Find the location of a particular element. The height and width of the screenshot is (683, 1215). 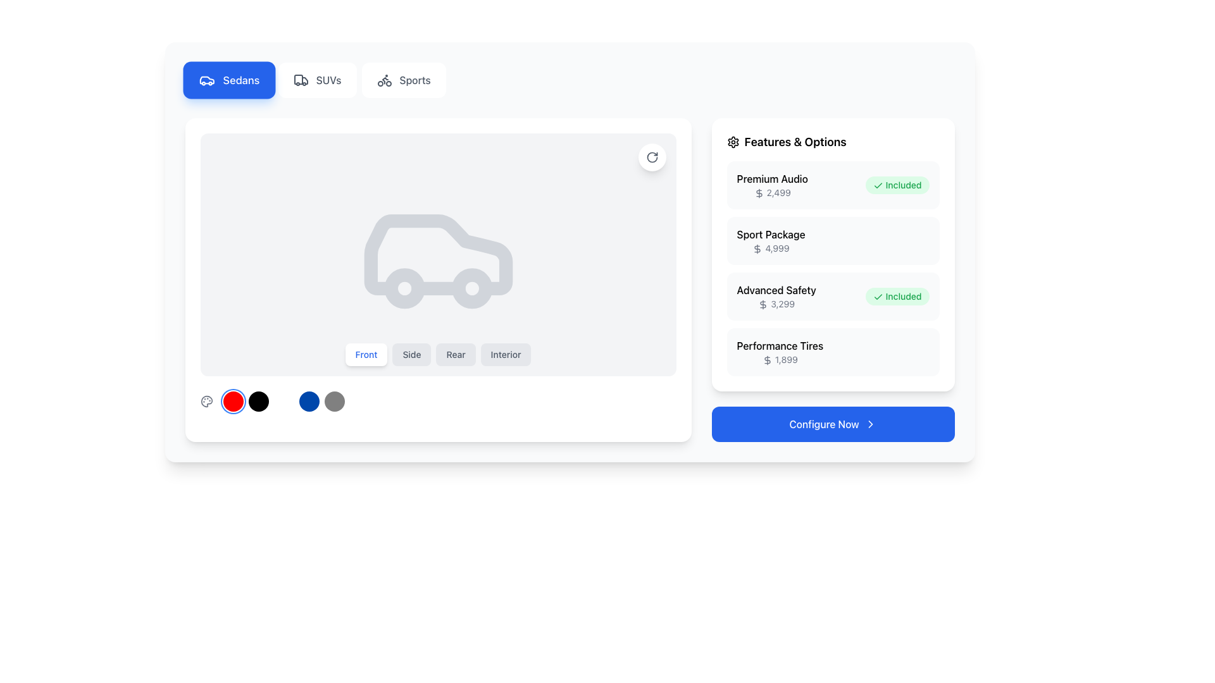

the car icon located within the Sedans button, positioned towards the left side of the button, just before the text 'Sedans' is located at coordinates (206, 80).